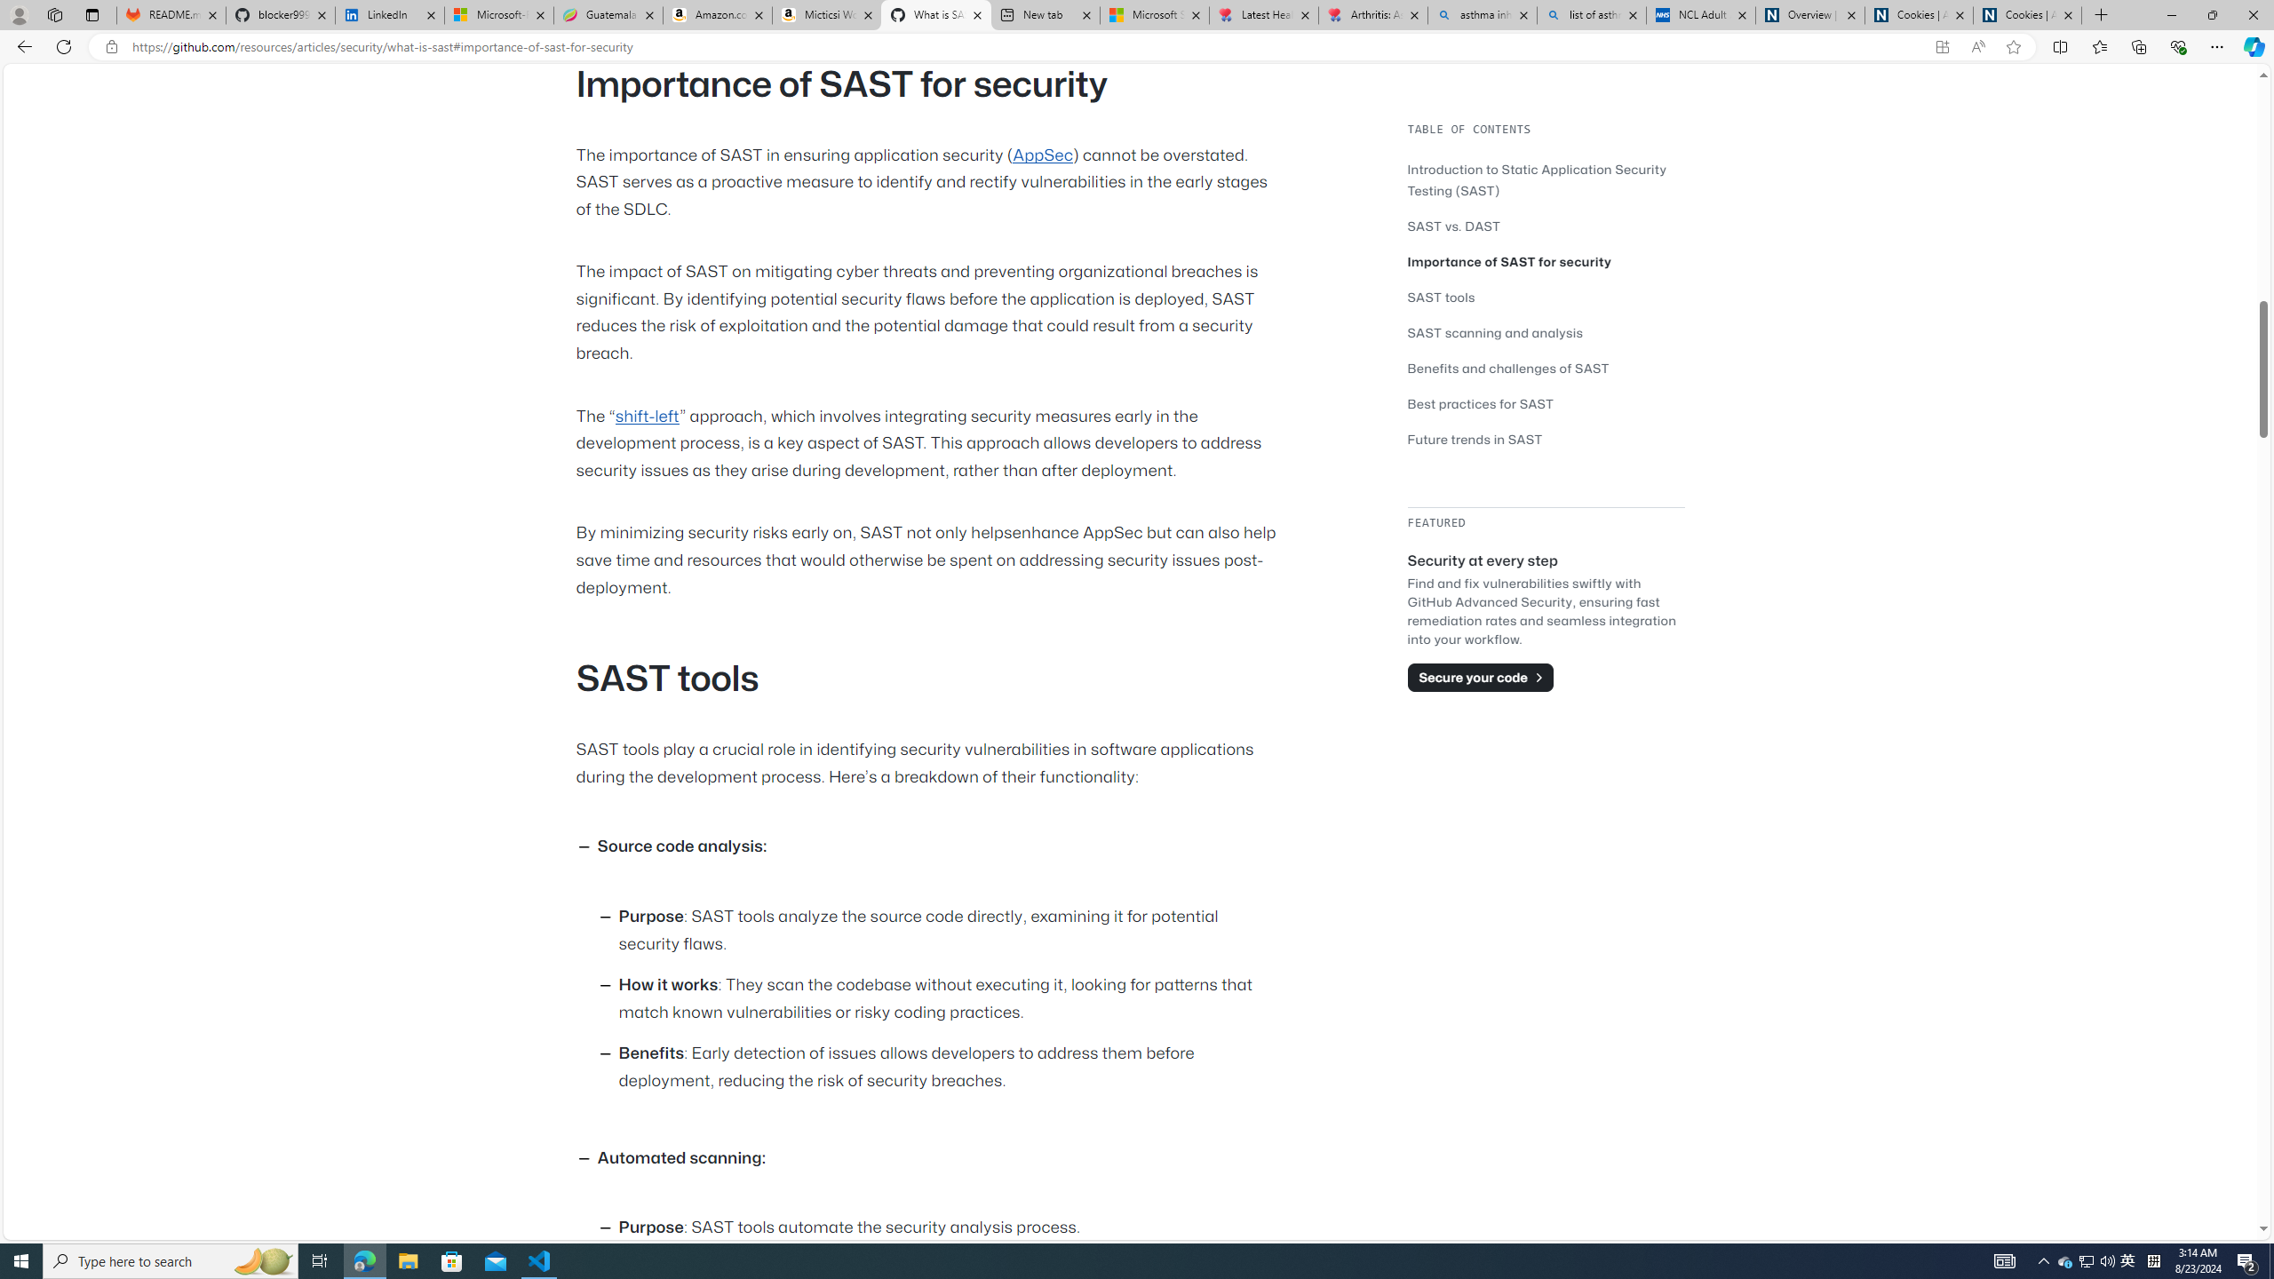 This screenshot has width=2274, height=1279. I want to click on 'Benefits and challenges of SAST', so click(1507, 367).